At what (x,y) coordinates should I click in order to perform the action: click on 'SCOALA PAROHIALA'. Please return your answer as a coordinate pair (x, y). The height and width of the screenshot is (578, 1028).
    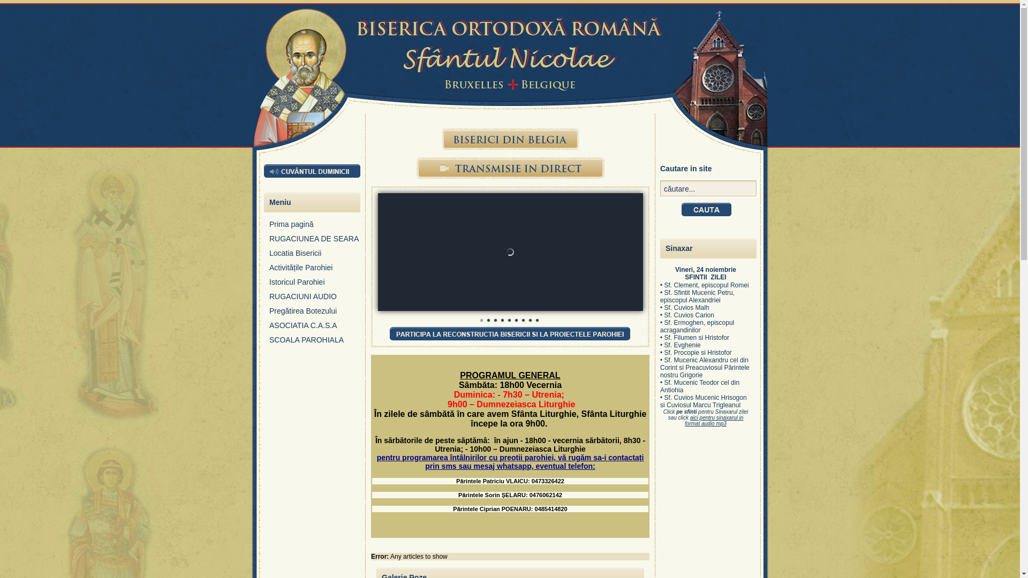
    Looking at the image, I should click on (314, 343).